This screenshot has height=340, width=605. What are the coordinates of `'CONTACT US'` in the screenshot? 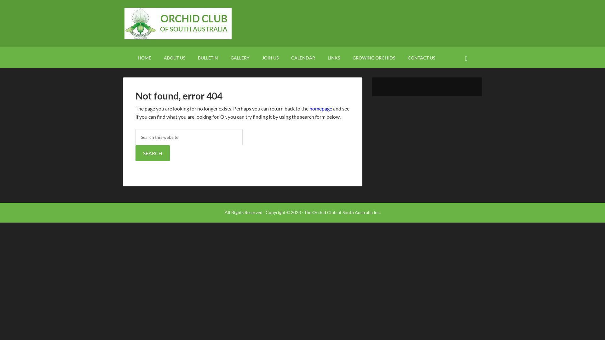 It's located at (421, 57).